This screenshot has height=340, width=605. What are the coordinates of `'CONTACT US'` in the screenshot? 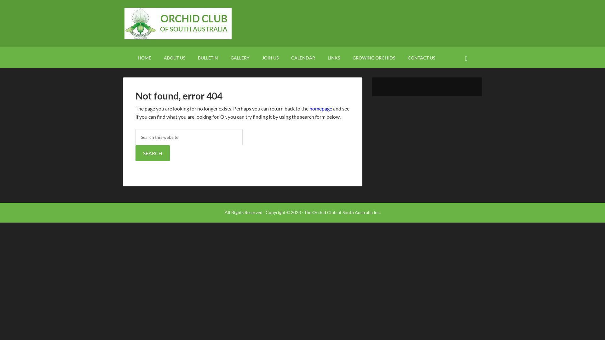 It's located at (421, 57).